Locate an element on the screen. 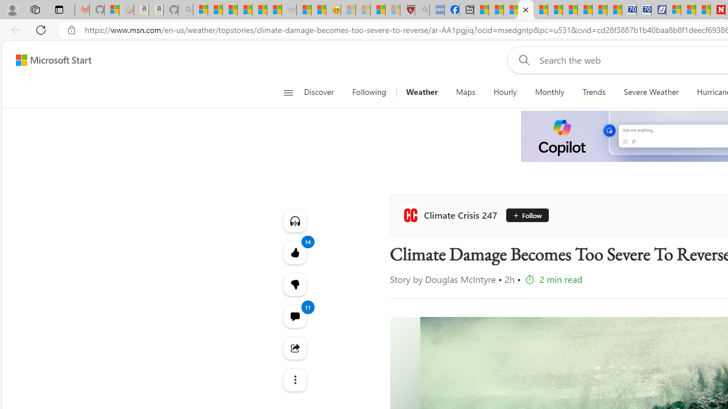 The height and width of the screenshot is (409, 728). 'Cheap Car Rentals - Save70.com' is located at coordinates (628, 10).